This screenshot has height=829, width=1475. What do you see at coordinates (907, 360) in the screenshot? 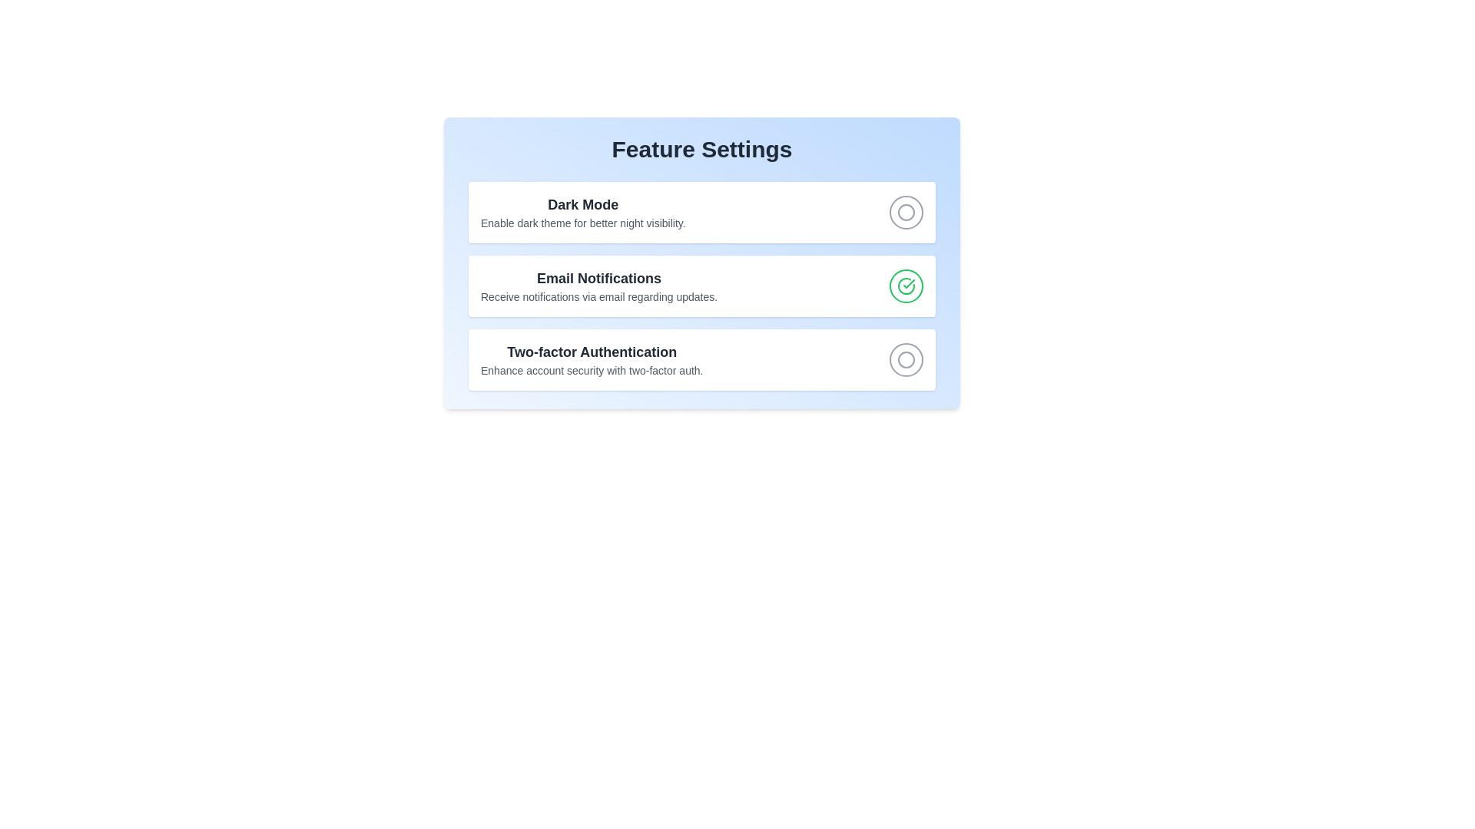
I see `the circular icon representing 'Two-factor Authentication' located at the bottom row of the feature settings list` at bounding box center [907, 360].